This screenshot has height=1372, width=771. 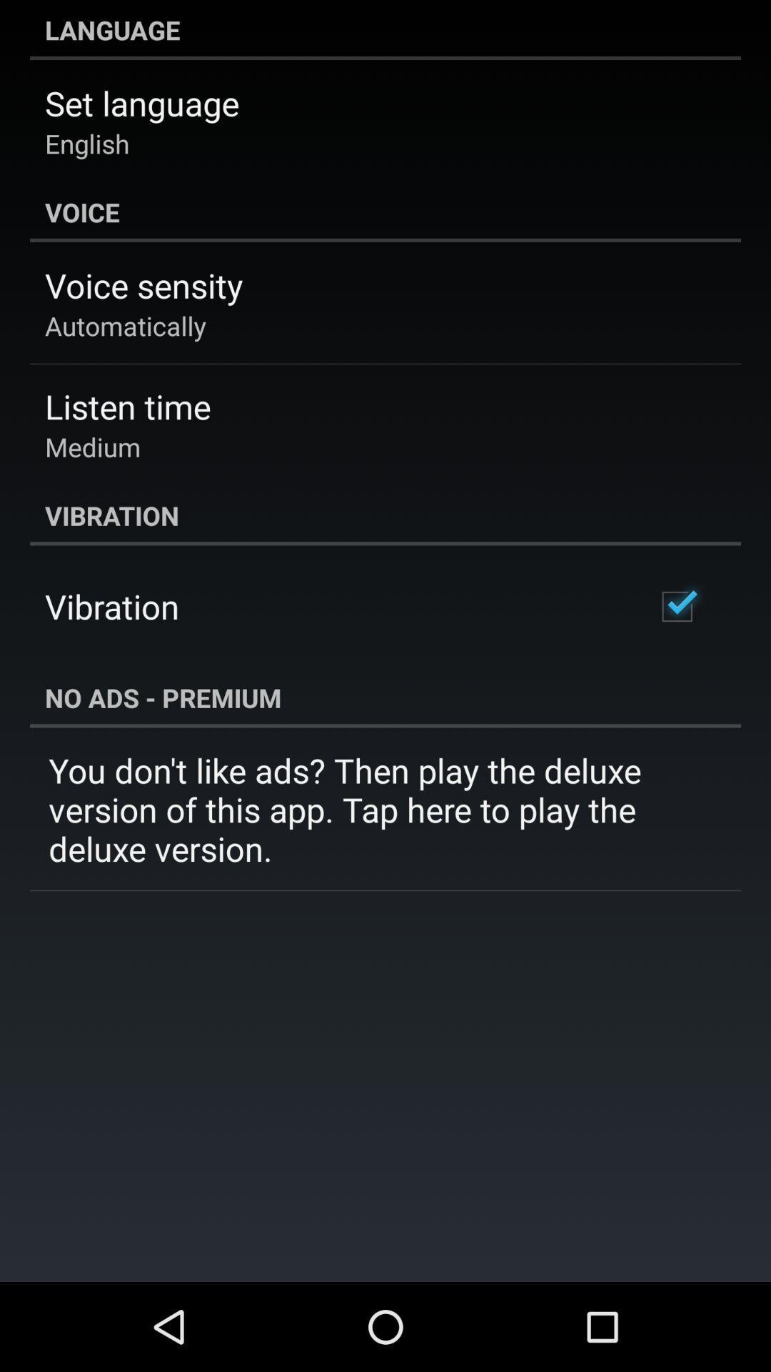 What do you see at coordinates (676, 607) in the screenshot?
I see `the item below the vibration item` at bounding box center [676, 607].